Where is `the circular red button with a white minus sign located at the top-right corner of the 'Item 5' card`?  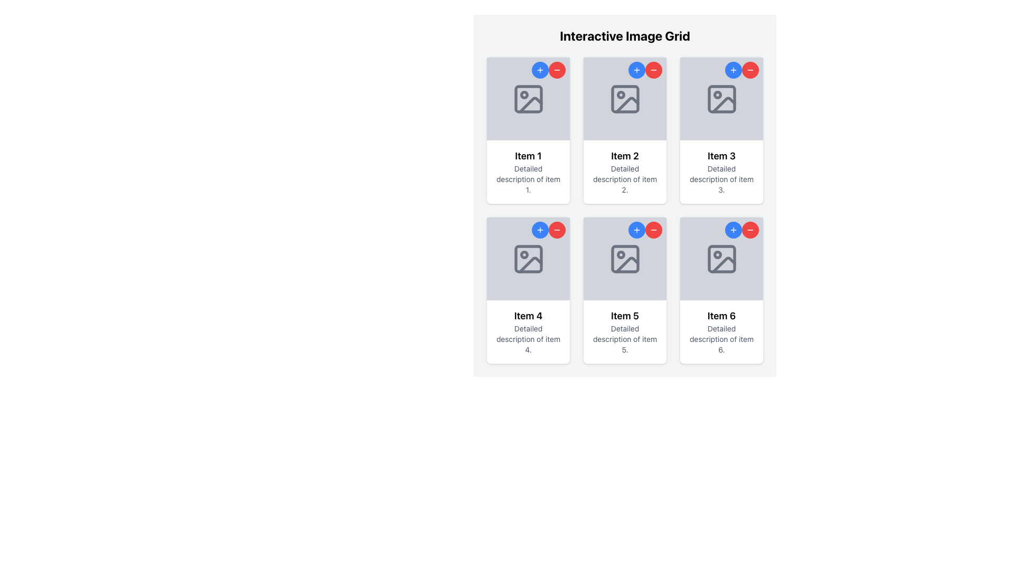 the circular red button with a white minus sign located at the top-right corner of the 'Item 5' card is located at coordinates (653, 229).